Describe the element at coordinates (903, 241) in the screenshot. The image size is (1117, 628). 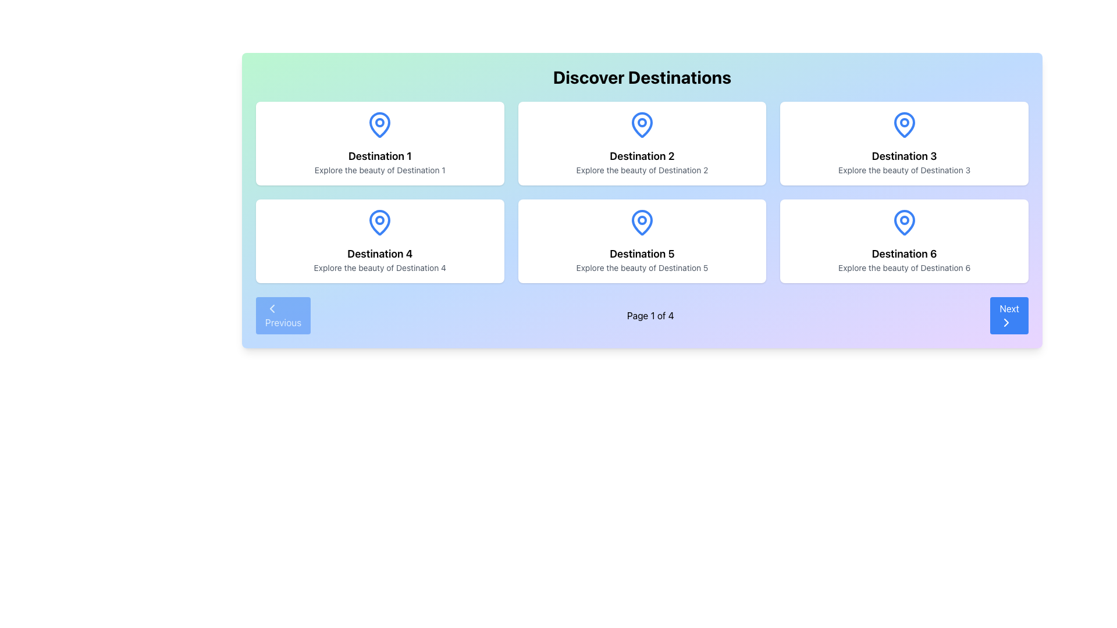
I see `the 'Destination 6' travel card located in the bottom-right corner of the grid` at that location.